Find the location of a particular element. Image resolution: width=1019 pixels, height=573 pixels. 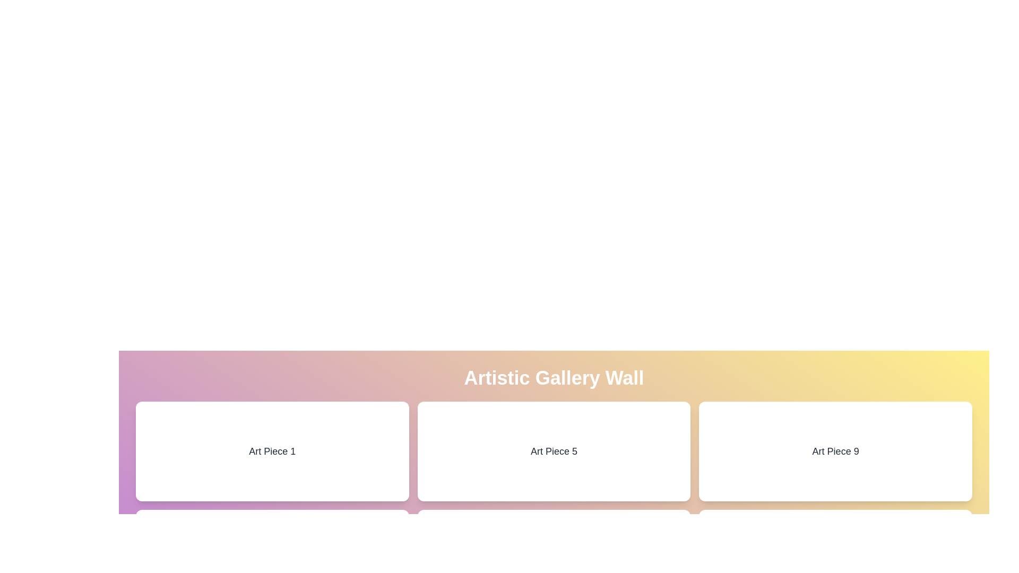

the 'Art Piece 9' card element which has a white background, rounded corners, and is positioned in the gallery layout is located at coordinates (835, 452).